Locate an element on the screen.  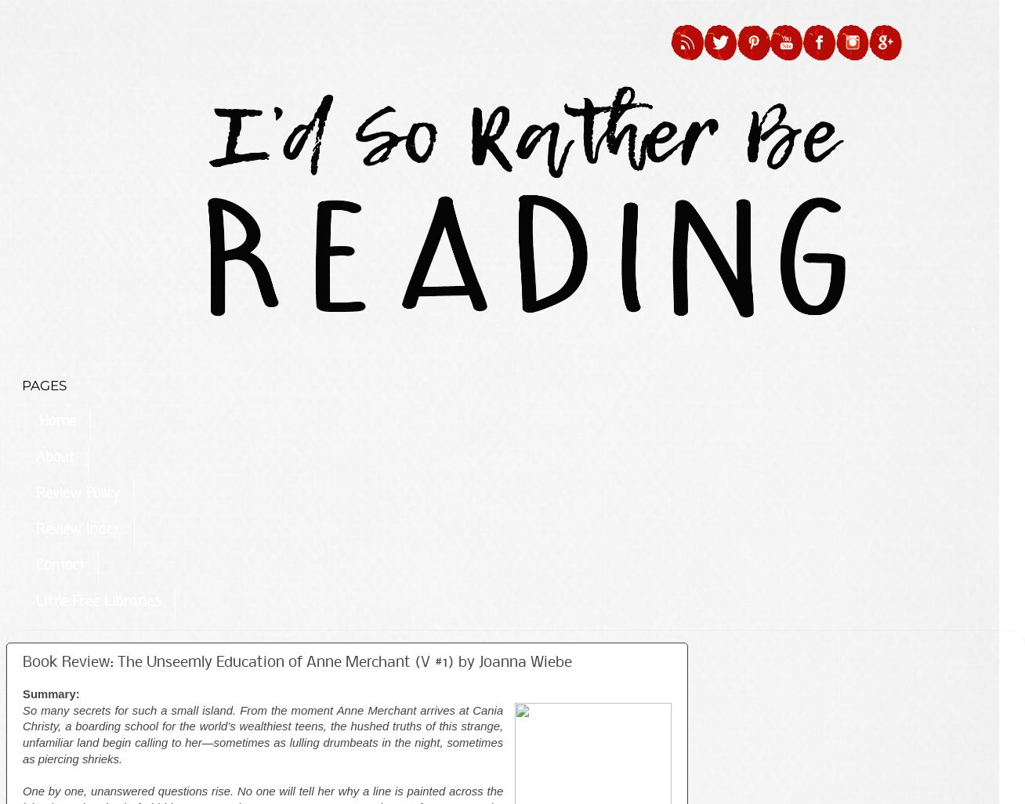
'Little Free Libraries' is located at coordinates (97, 601).